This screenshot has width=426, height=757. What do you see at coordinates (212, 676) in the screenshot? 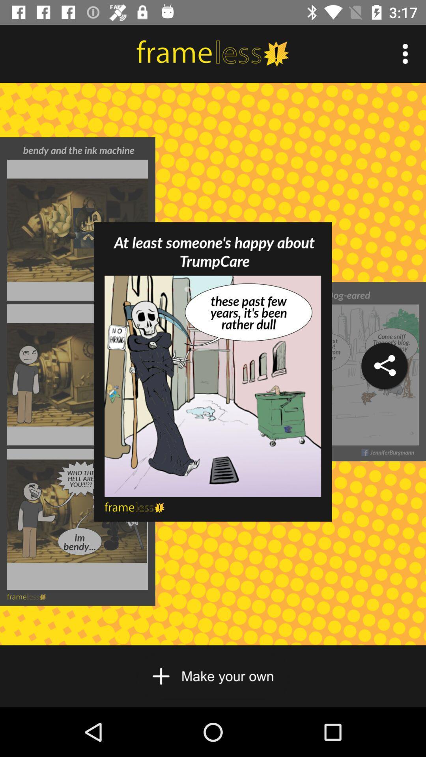
I see `create new option` at bounding box center [212, 676].